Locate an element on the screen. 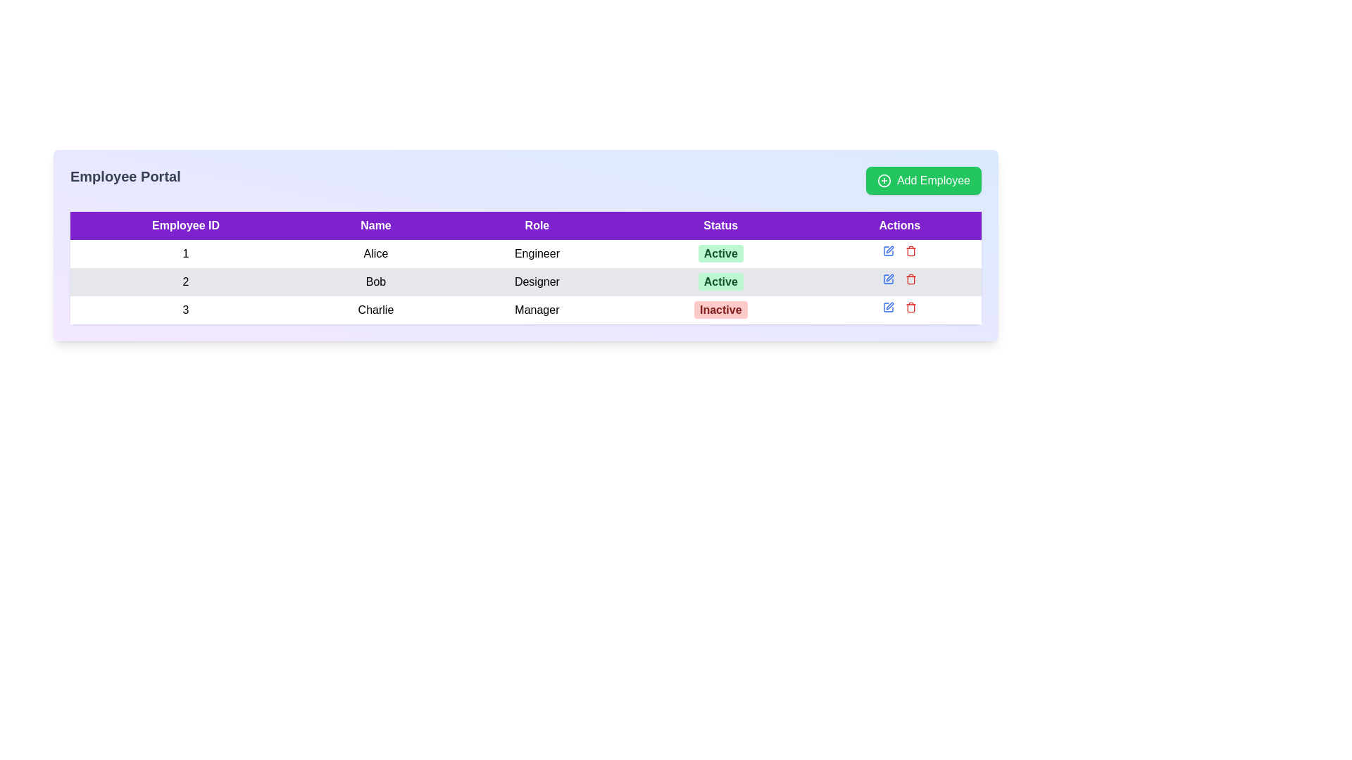  the third row in the employee management table displaying details about employee 'Charlie' is located at coordinates (525, 309).